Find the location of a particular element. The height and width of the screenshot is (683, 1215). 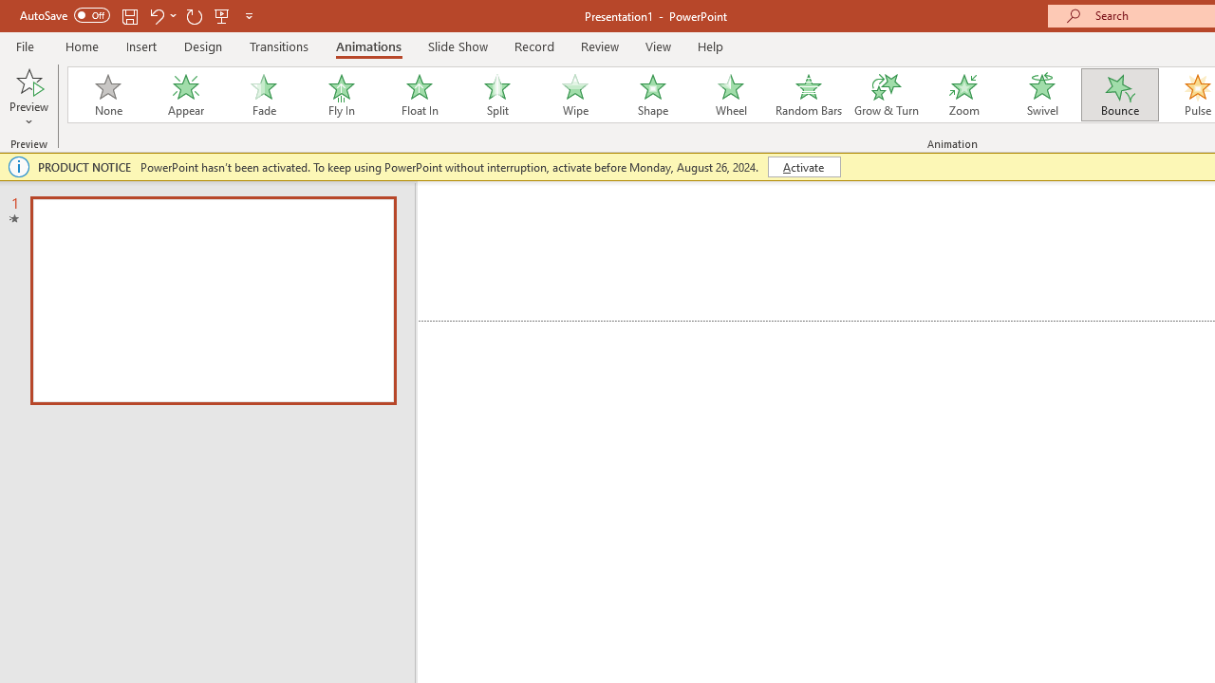

'Wipe' is located at coordinates (573, 95).